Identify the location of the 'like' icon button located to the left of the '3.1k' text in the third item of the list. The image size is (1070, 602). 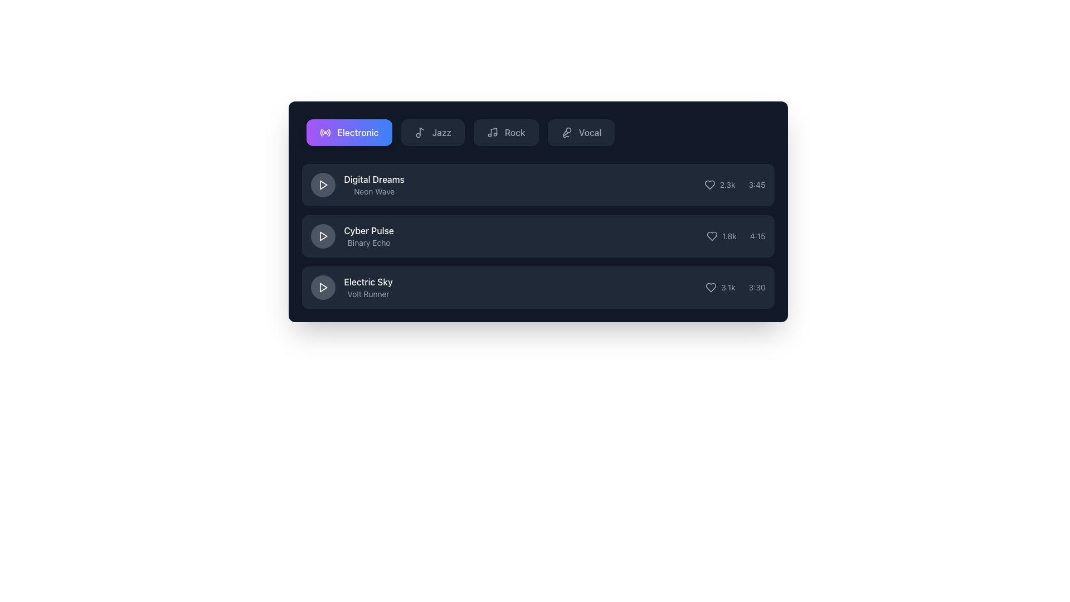
(711, 287).